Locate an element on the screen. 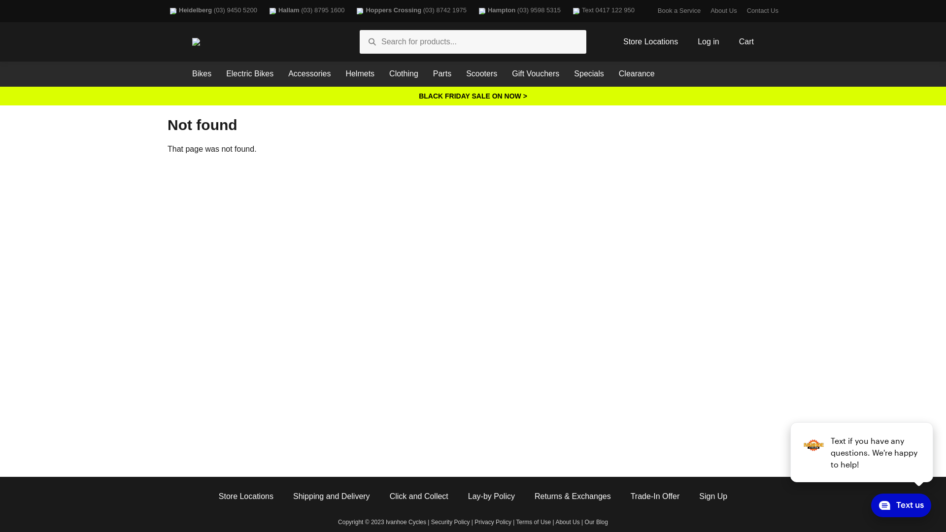  'Contact Us' is located at coordinates (762, 11).